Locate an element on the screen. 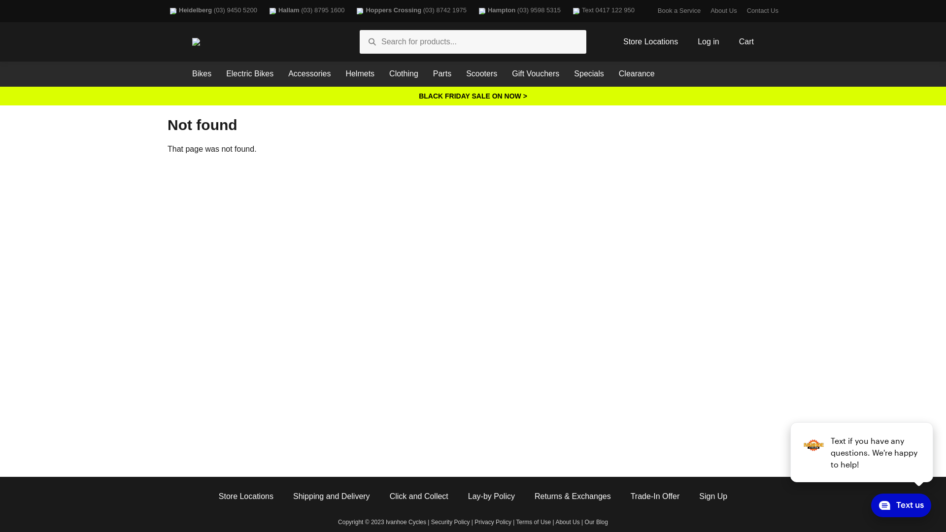  'Contact Us' is located at coordinates (762, 11).